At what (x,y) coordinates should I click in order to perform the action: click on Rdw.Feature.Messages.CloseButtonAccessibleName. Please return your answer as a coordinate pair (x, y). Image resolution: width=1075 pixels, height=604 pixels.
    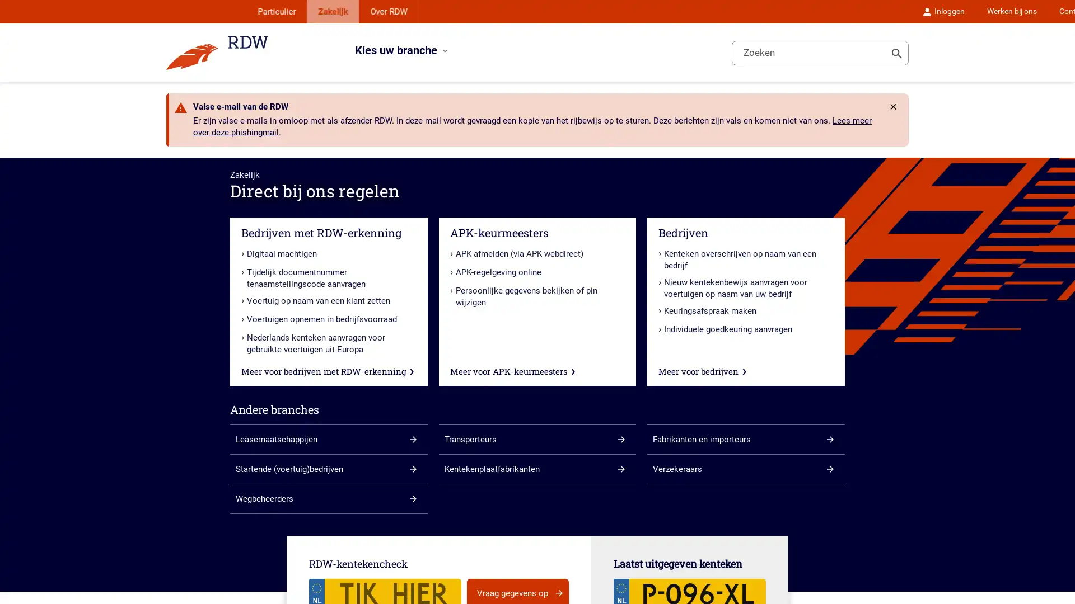
    Looking at the image, I should click on (892, 107).